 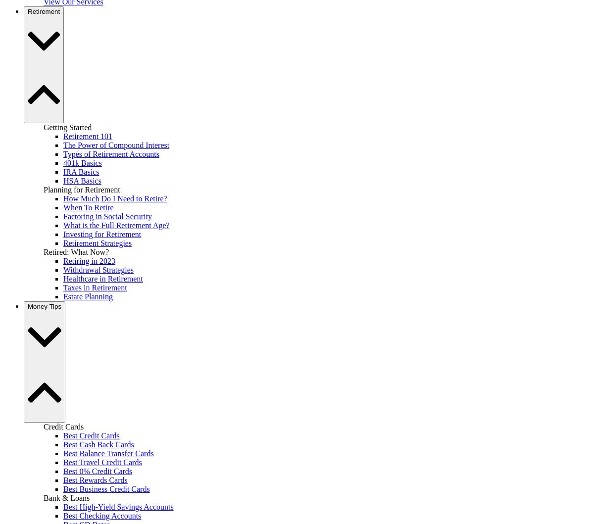 What do you see at coordinates (66, 497) in the screenshot?
I see `'Bank & Loans'` at bounding box center [66, 497].